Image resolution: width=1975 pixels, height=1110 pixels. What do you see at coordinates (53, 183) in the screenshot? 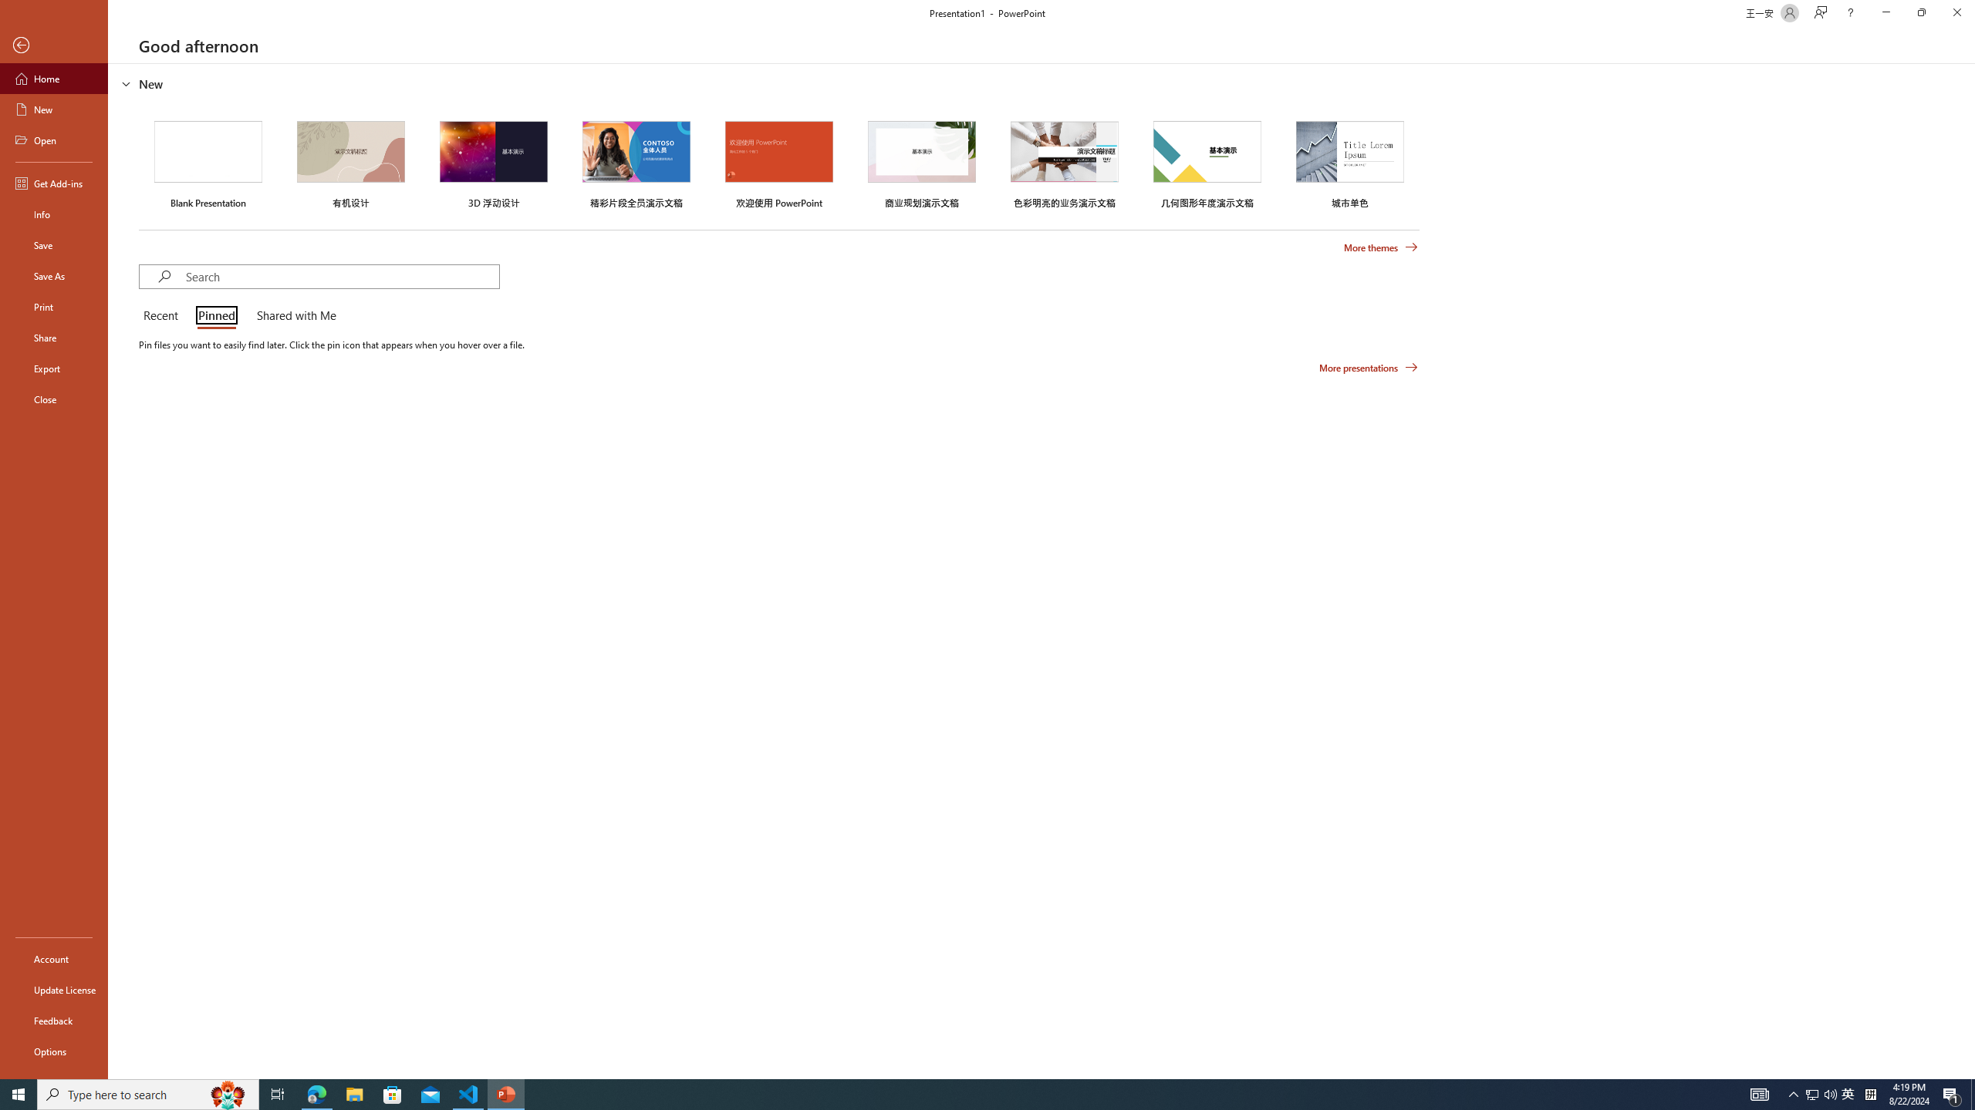
I see `'Get Add-ins'` at bounding box center [53, 183].